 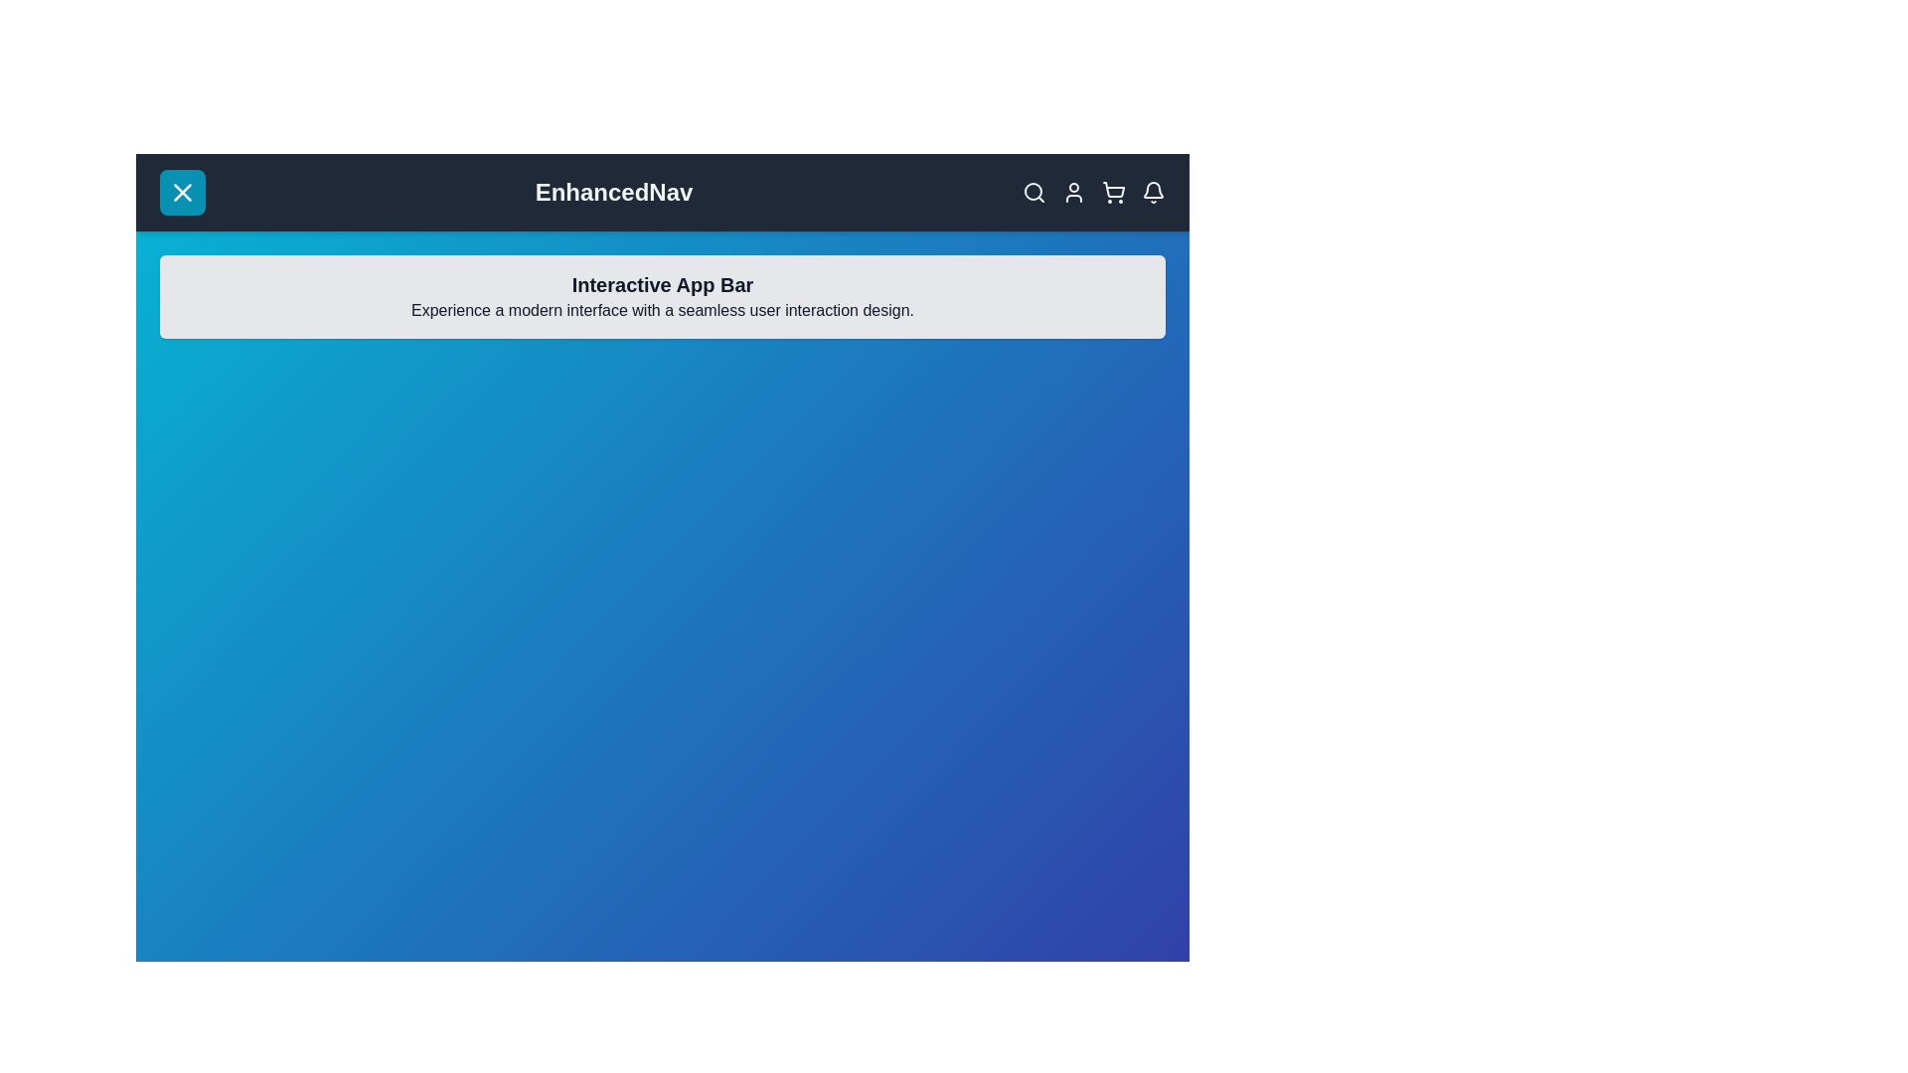 I want to click on the shopping cart icon in the top-right of the app bar, so click(x=1114, y=192).